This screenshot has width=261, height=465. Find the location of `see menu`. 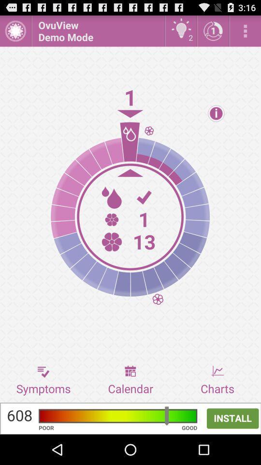

see menu is located at coordinates (245, 31).